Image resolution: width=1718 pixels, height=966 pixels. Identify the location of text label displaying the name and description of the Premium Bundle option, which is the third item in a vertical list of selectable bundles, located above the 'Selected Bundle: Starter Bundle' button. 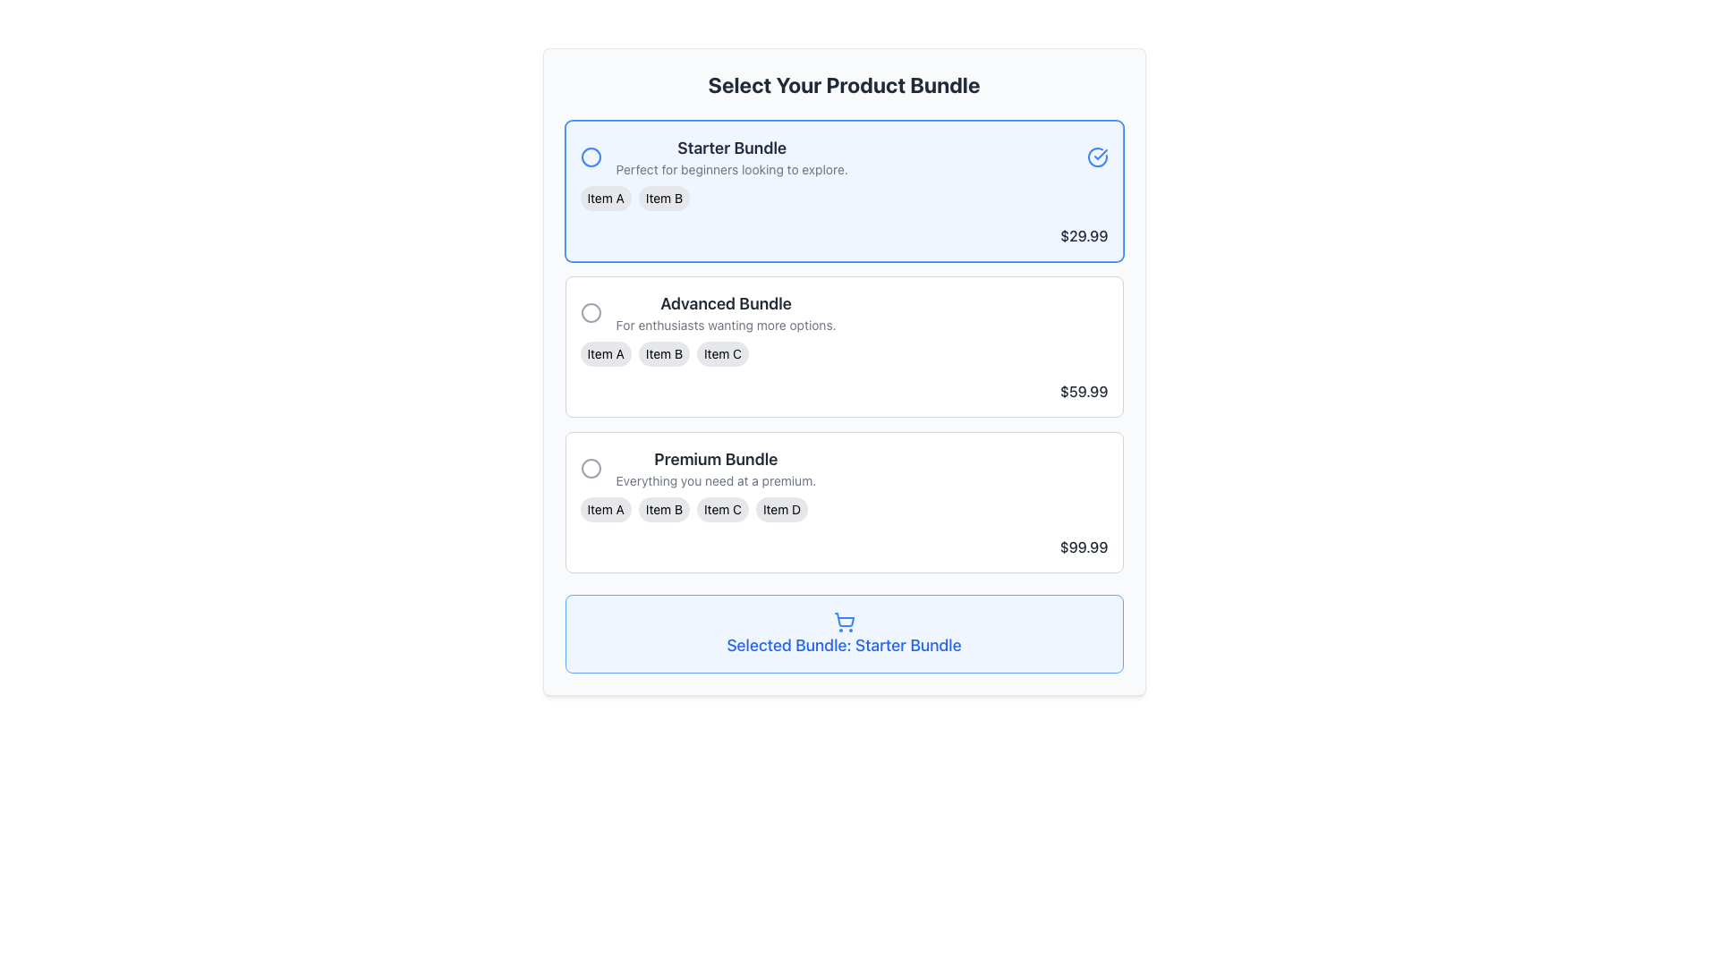
(716, 468).